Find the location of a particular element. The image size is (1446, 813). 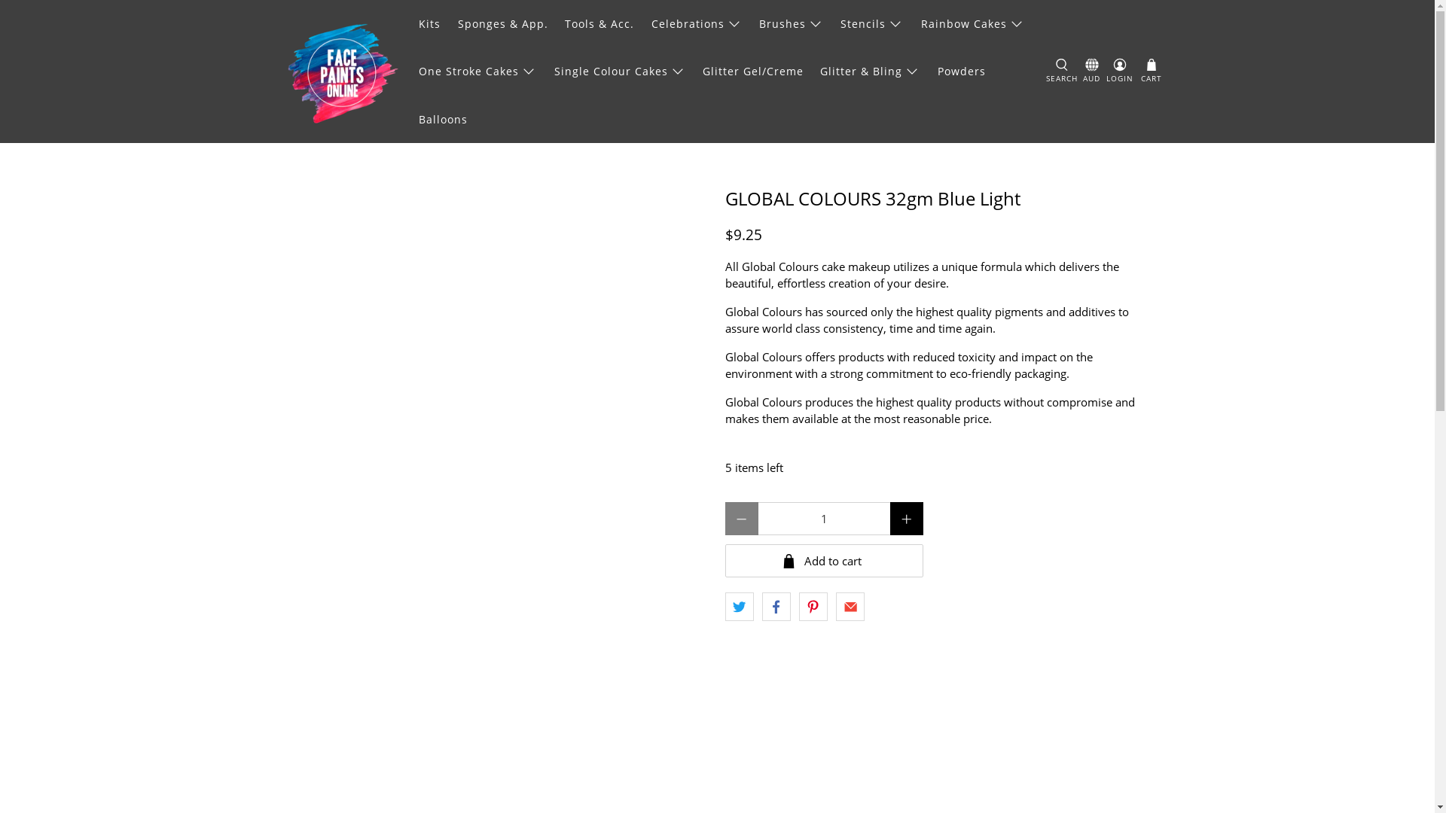

'Rainbow Cakes' is located at coordinates (911, 23).